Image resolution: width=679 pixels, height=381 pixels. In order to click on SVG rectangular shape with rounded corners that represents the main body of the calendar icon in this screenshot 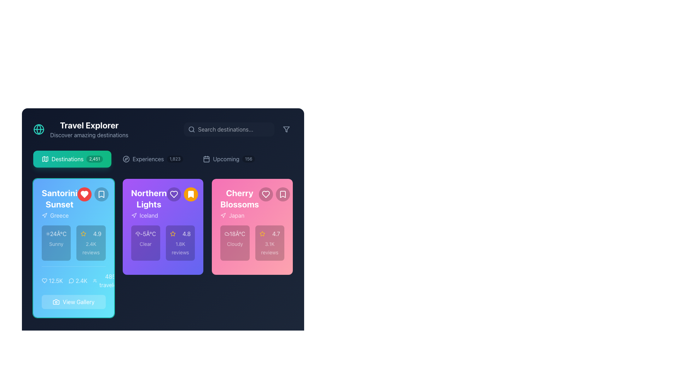, I will do `click(206, 159)`.